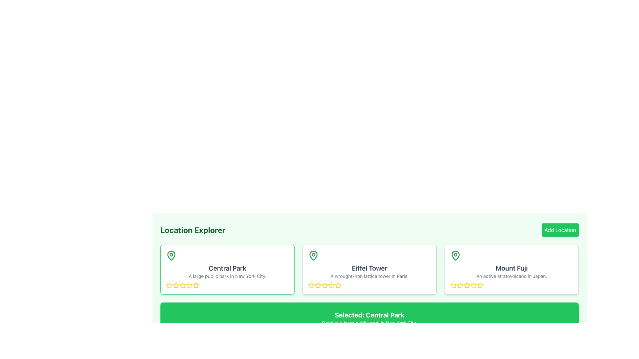 This screenshot has height=359, width=639. I want to click on the fourth yellow star icon in the rating component below the 'Central Park' title to rate it, so click(182, 285).